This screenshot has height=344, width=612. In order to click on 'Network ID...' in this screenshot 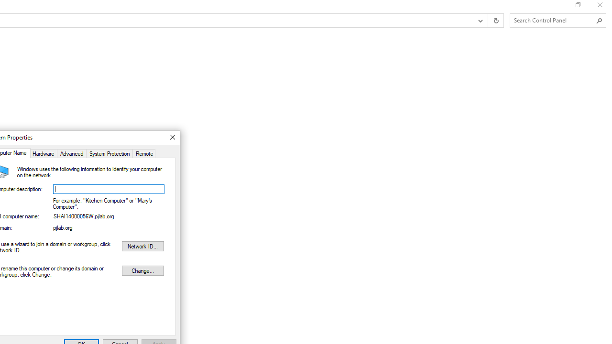, I will do `click(142, 246)`.